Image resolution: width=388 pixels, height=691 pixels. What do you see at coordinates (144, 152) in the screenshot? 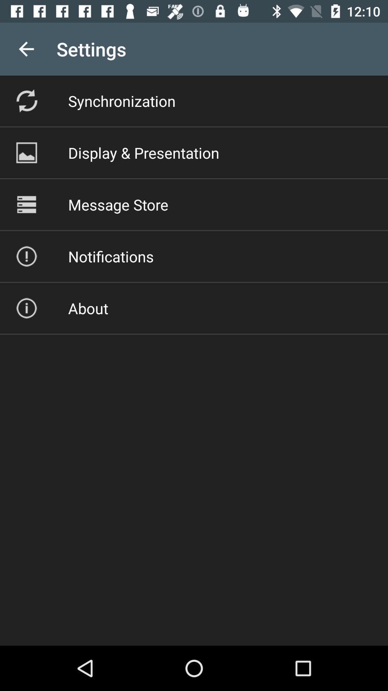
I see `display & presentation` at bounding box center [144, 152].